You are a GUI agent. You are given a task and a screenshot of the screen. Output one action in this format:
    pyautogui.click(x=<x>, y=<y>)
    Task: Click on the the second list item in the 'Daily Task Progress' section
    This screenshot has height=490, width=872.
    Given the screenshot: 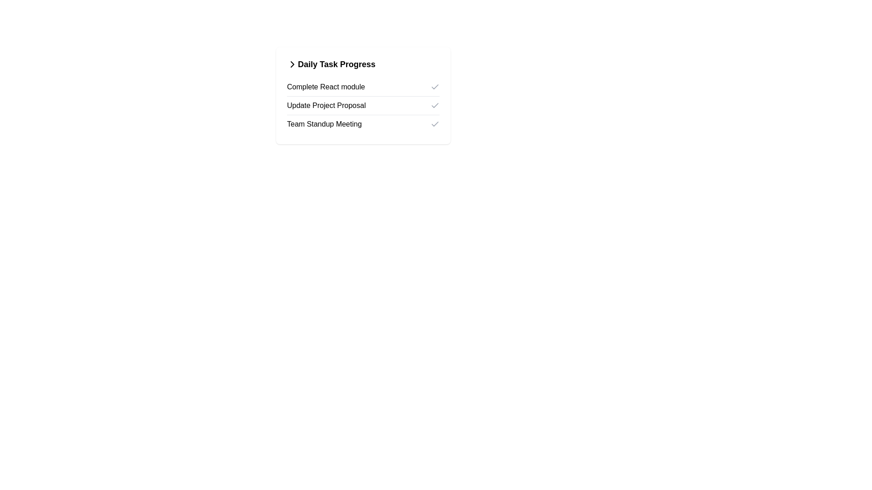 What is the action you would take?
    pyautogui.click(x=363, y=105)
    